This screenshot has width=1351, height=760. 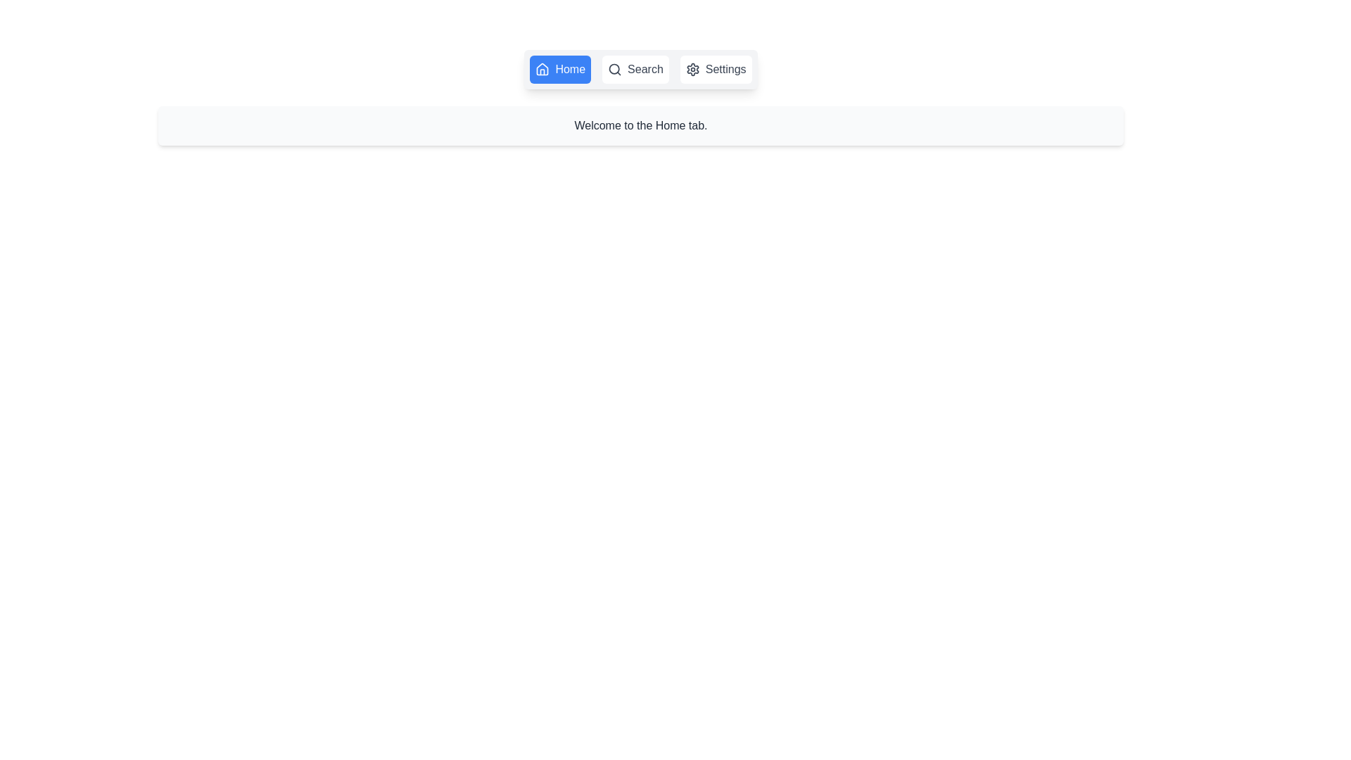 What do you see at coordinates (635, 70) in the screenshot?
I see `the 'Search' button` at bounding box center [635, 70].